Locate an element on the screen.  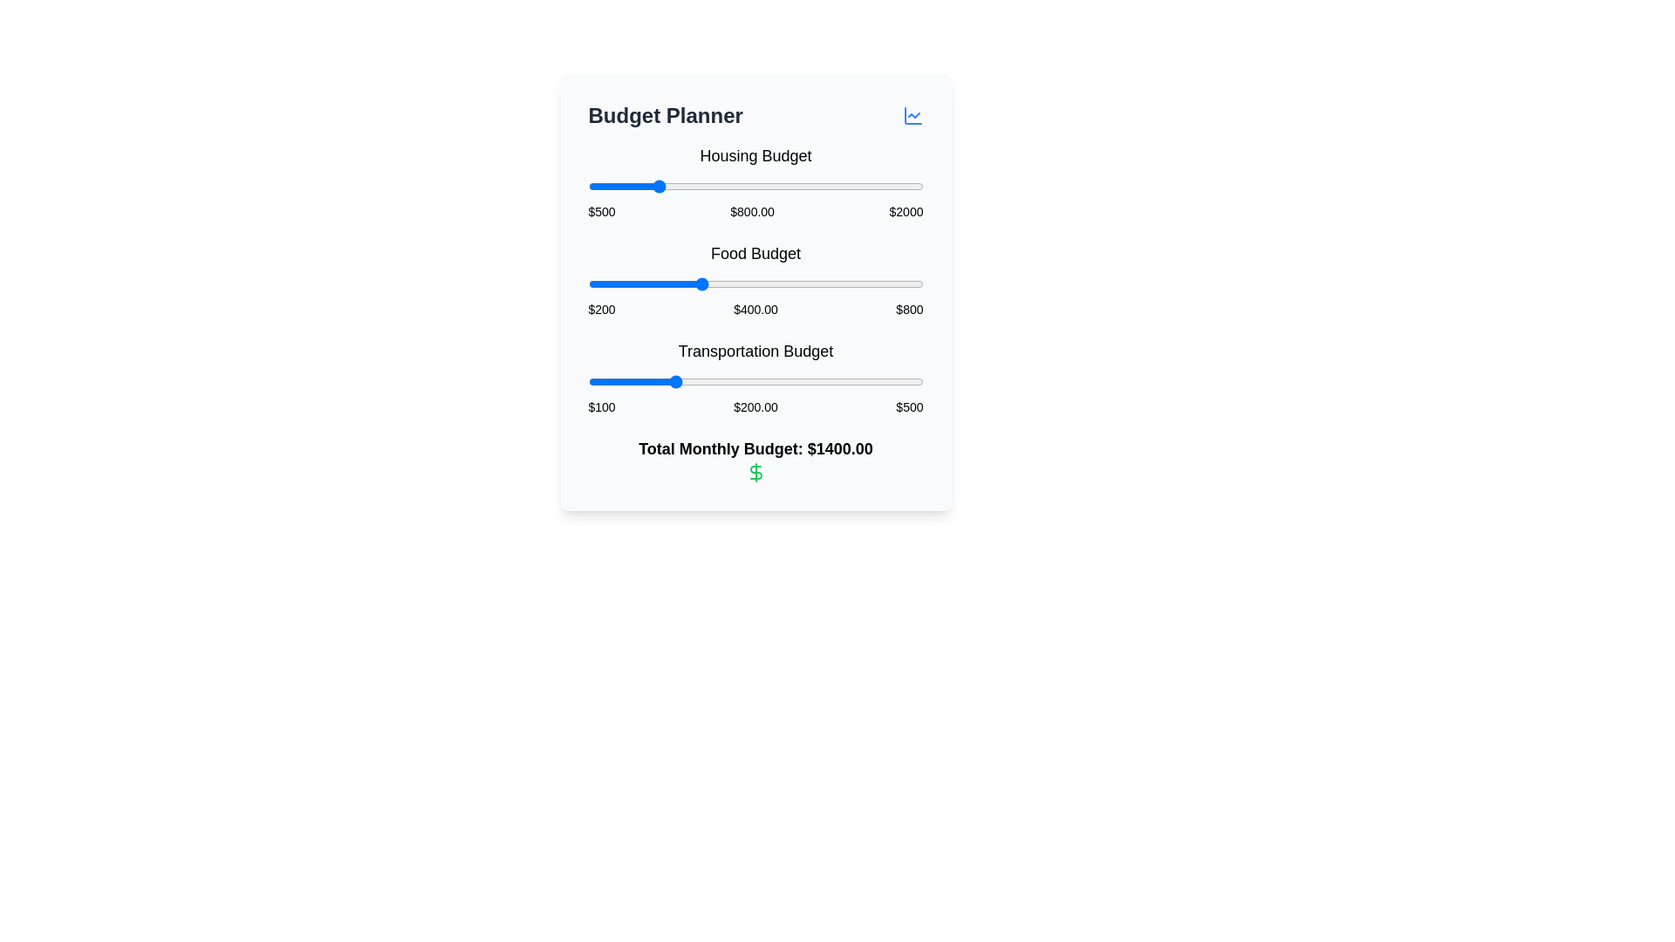
the text label displaying the maximum value '$500' for the budget slider, which is the rightmost label in a horizontal layout of three labels is located at coordinates (908, 406).